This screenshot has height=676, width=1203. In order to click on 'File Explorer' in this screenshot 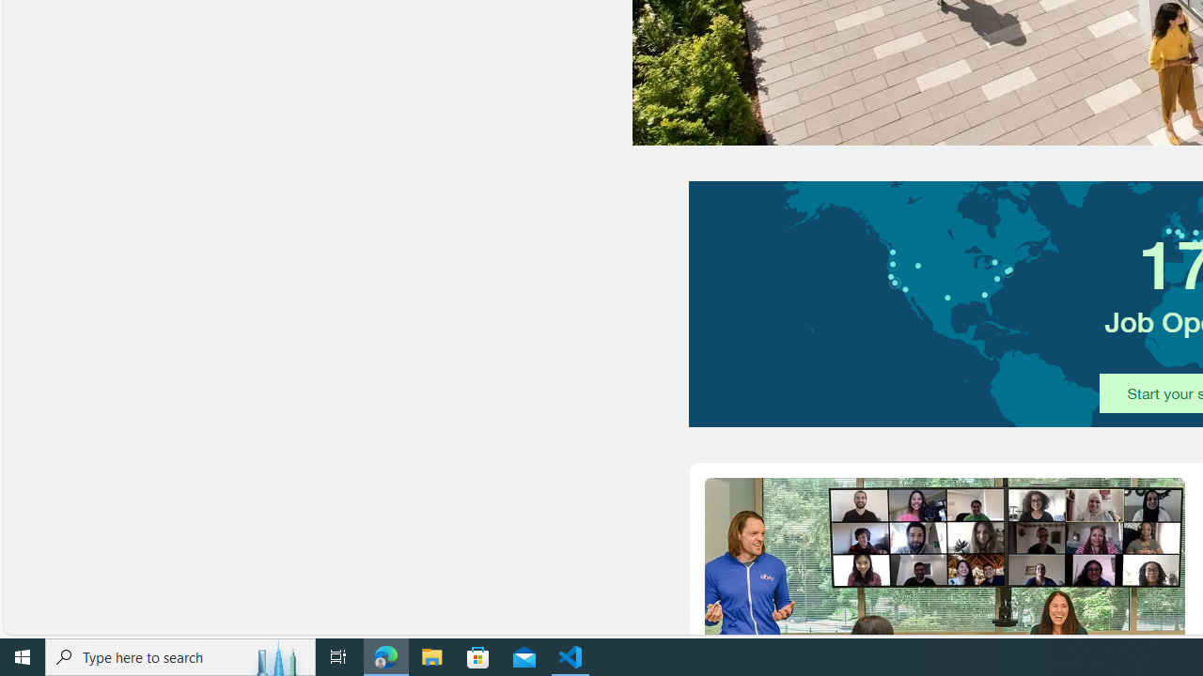, I will do `click(431, 655)`.